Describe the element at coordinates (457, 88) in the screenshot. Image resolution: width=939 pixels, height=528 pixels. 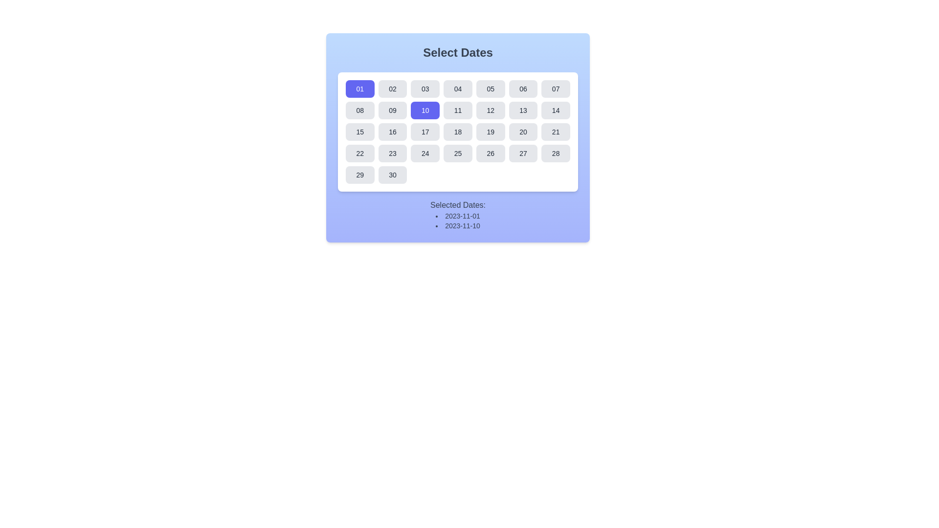
I see `the rounded rectangular button labeled '04' with a light gray background` at that location.